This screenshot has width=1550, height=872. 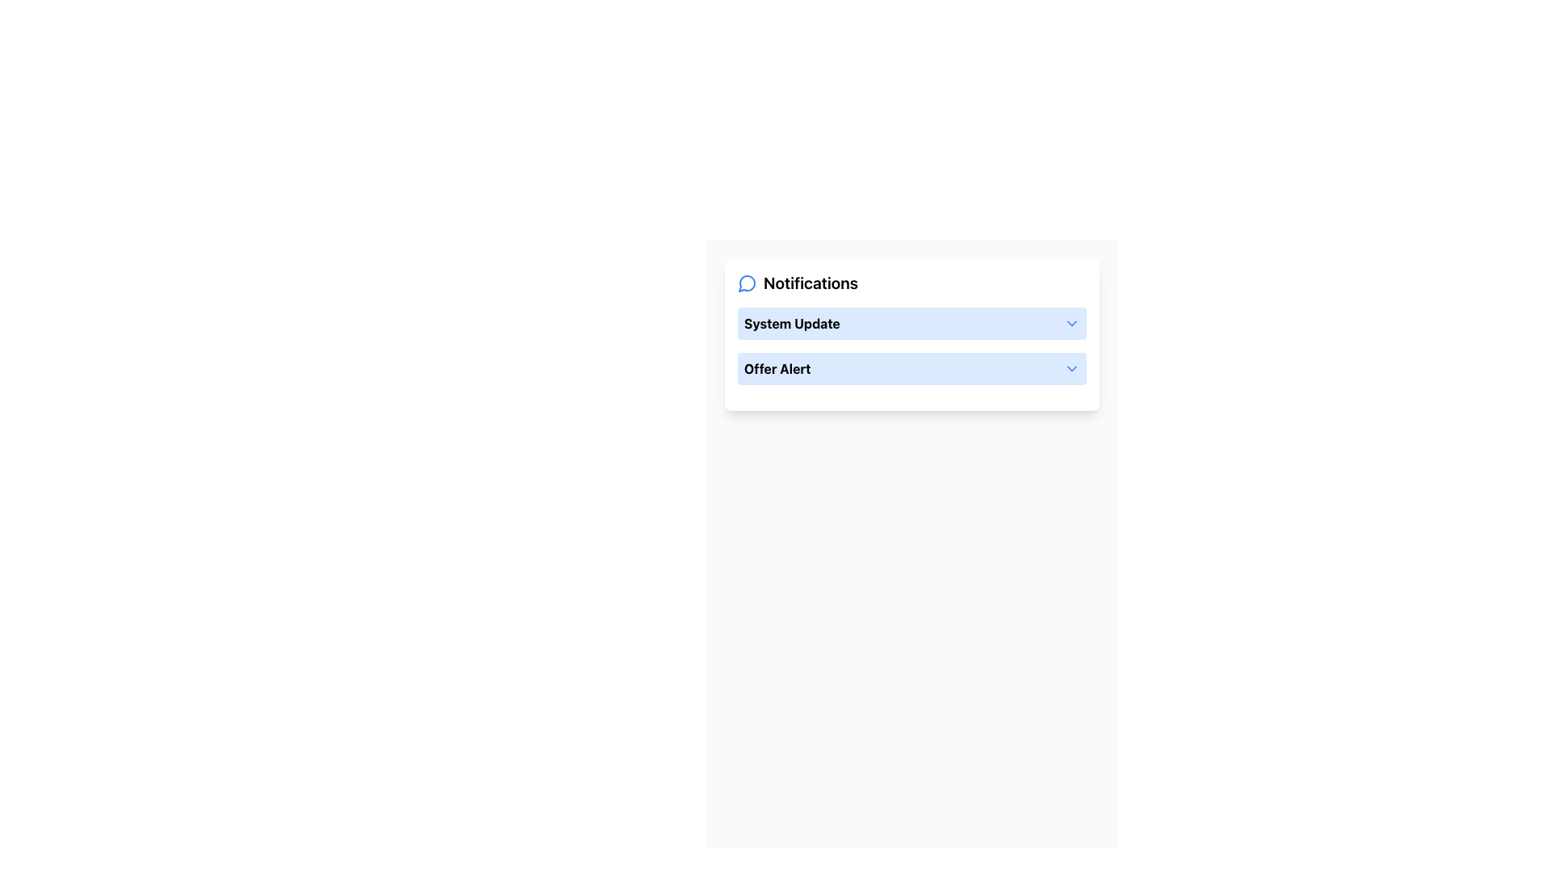 What do you see at coordinates (792, 324) in the screenshot?
I see `the 'System Update' text label, which is styled with bold, dark text on a light blue background and located in the Notifications section` at bounding box center [792, 324].